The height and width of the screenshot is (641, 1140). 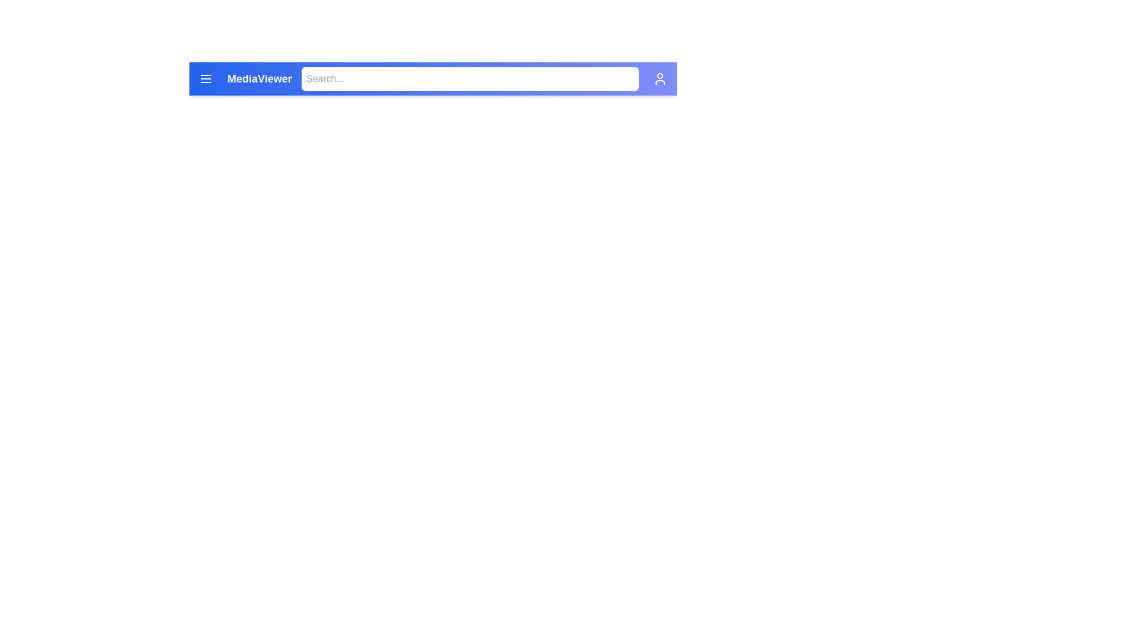 I want to click on the user profile access button located on the far right of the header bar, so click(x=660, y=78).